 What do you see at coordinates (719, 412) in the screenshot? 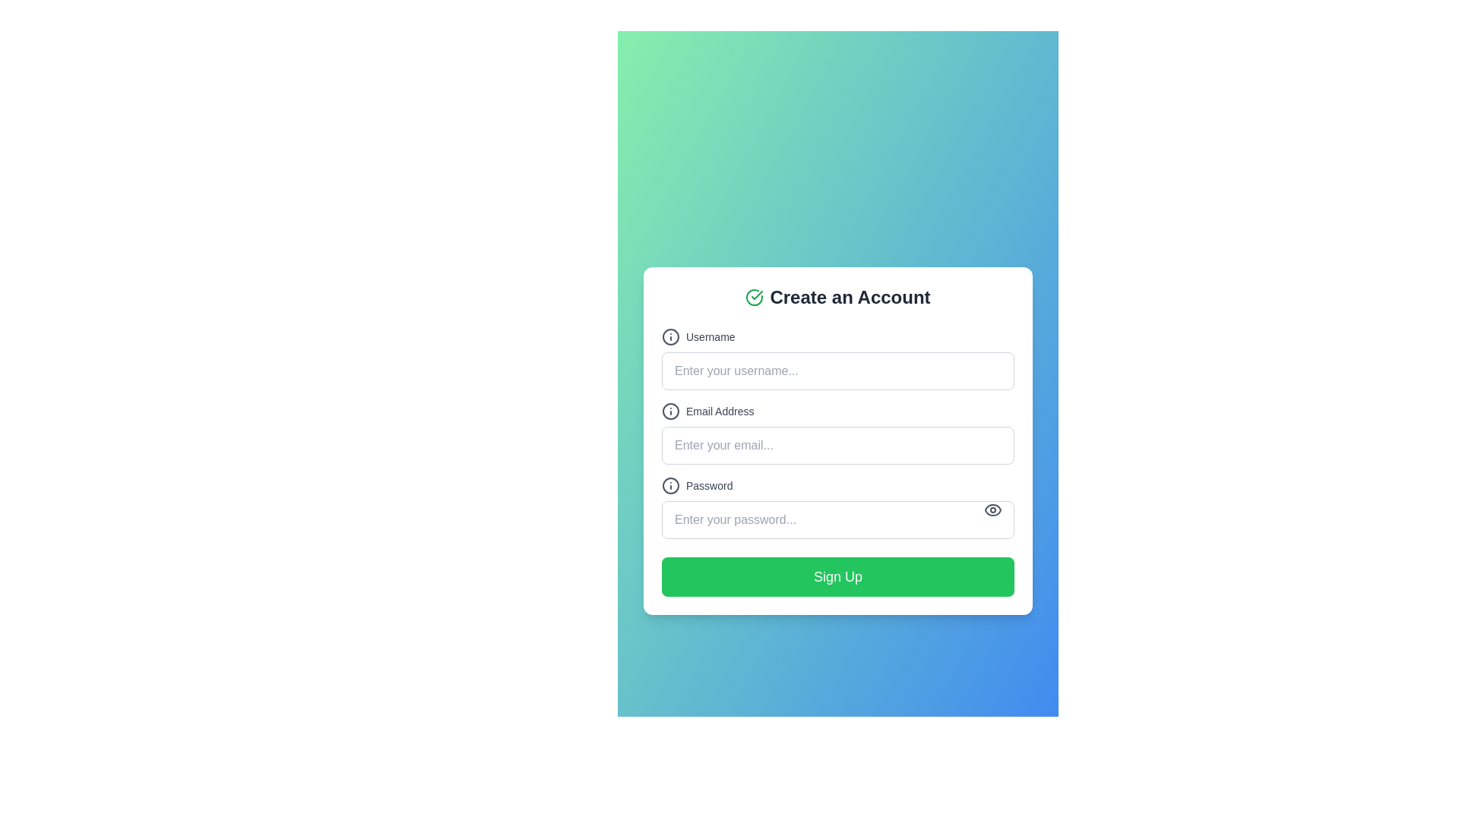
I see `the text label that describes the email input field, positioned between an 'i' icon and the email input box` at bounding box center [719, 412].